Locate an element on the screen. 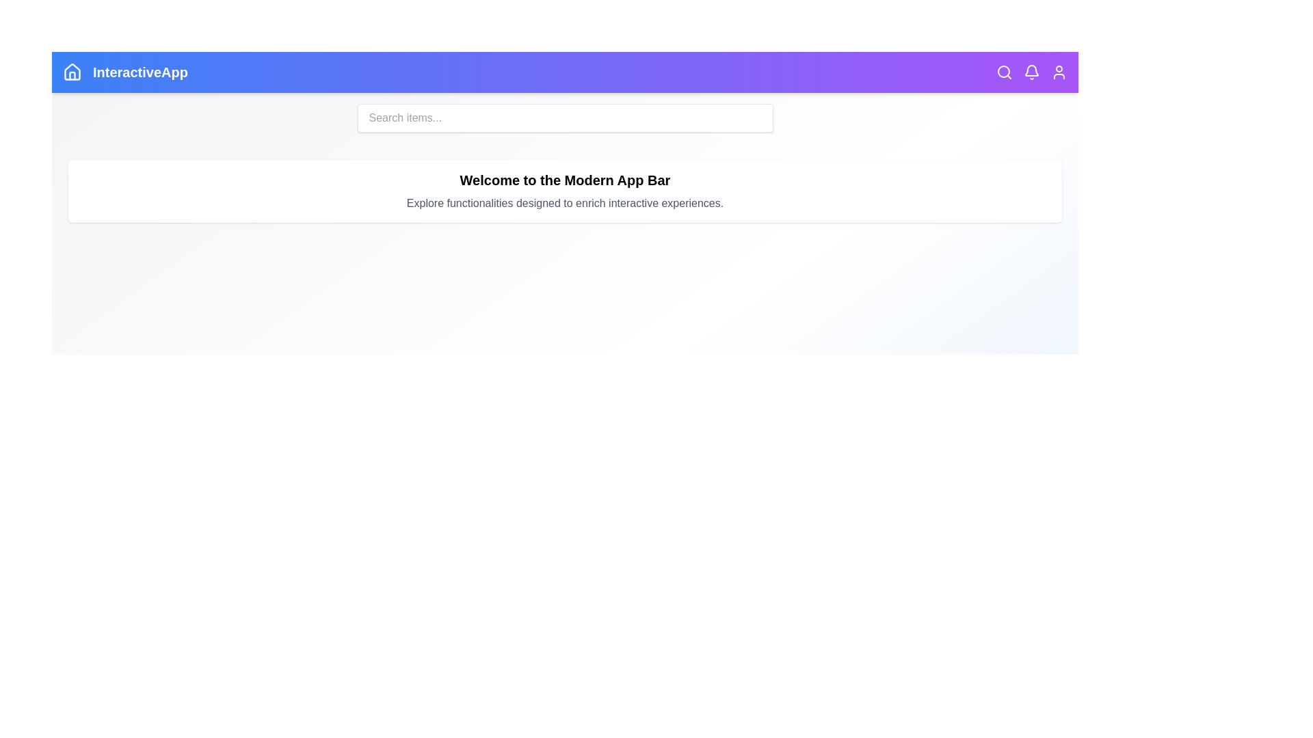 Image resolution: width=1313 pixels, height=738 pixels. the 'User' icon to access user-related options is located at coordinates (1059, 72).